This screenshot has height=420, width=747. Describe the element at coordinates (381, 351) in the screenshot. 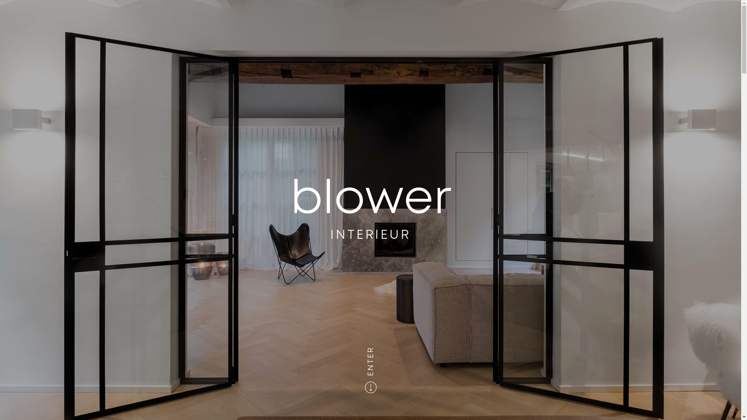

I see `'ENTER'` at that location.